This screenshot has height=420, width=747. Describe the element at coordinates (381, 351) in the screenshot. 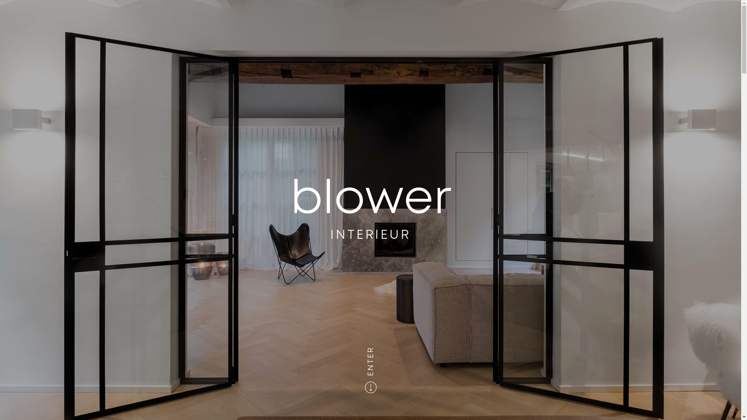

I see `'ENTER'` at that location.